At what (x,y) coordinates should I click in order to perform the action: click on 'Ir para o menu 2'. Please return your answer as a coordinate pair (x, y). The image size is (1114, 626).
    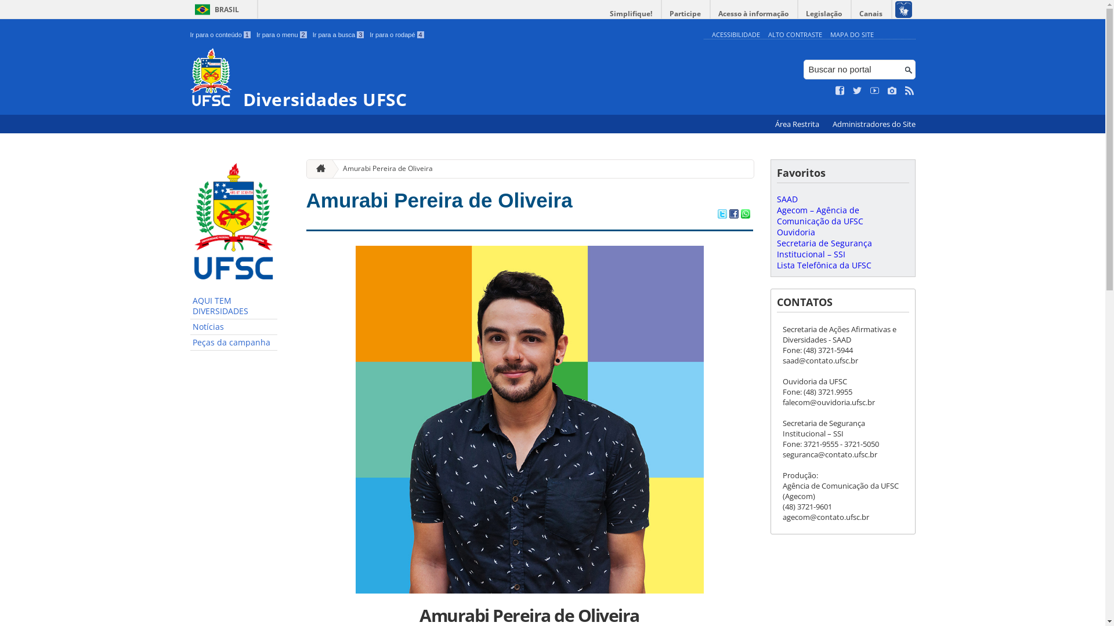
    Looking at the image, I should click on (281, 34).